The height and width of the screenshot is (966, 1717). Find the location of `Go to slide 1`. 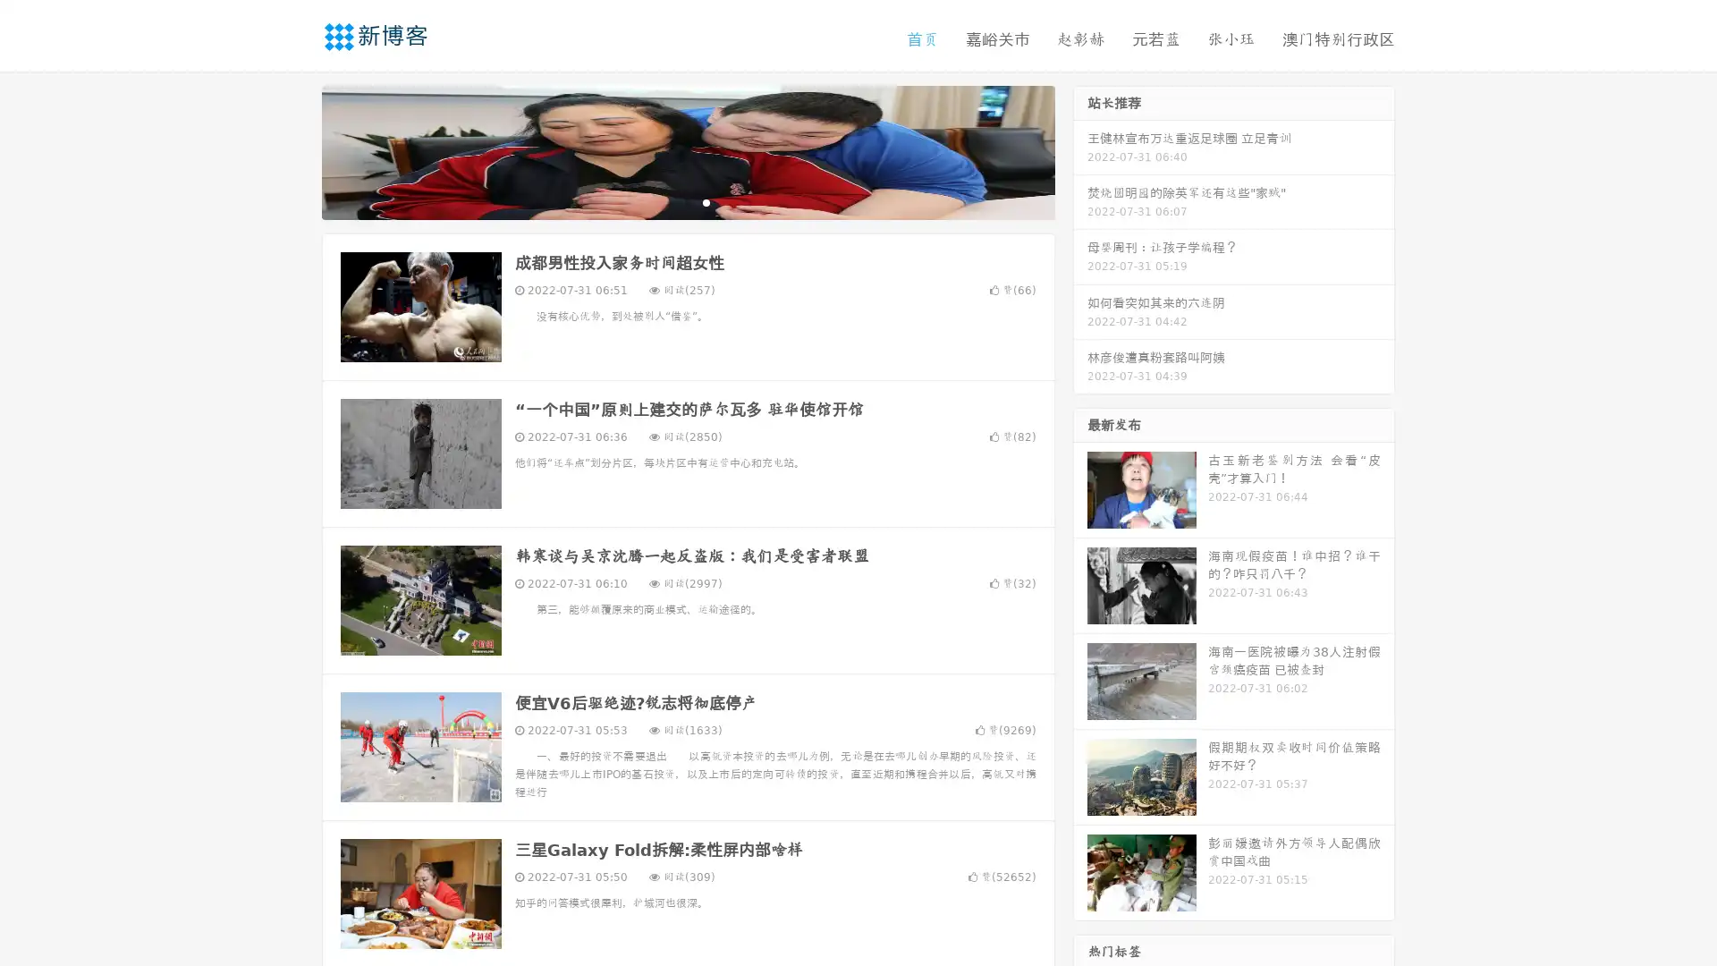

Go to slide 1 is located at coordinates (669, 201).